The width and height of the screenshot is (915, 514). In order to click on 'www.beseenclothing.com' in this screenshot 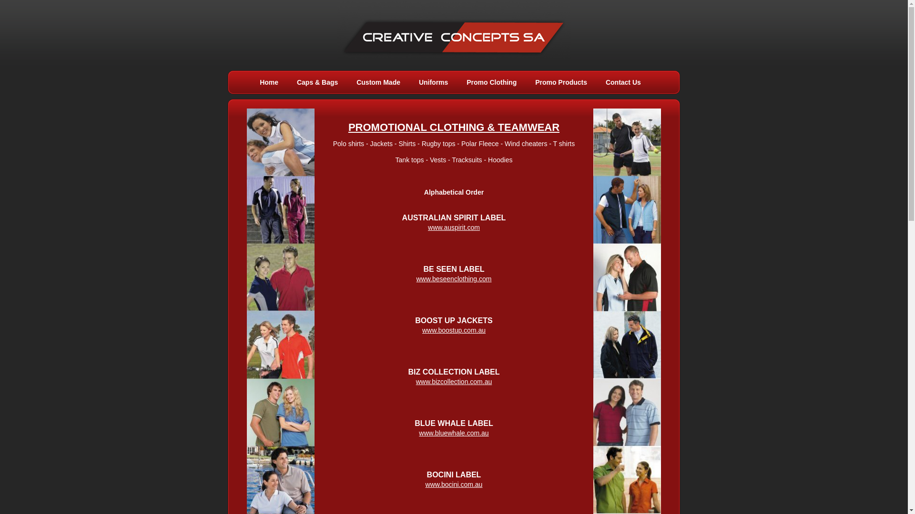, I will do `click(454, 278)`.